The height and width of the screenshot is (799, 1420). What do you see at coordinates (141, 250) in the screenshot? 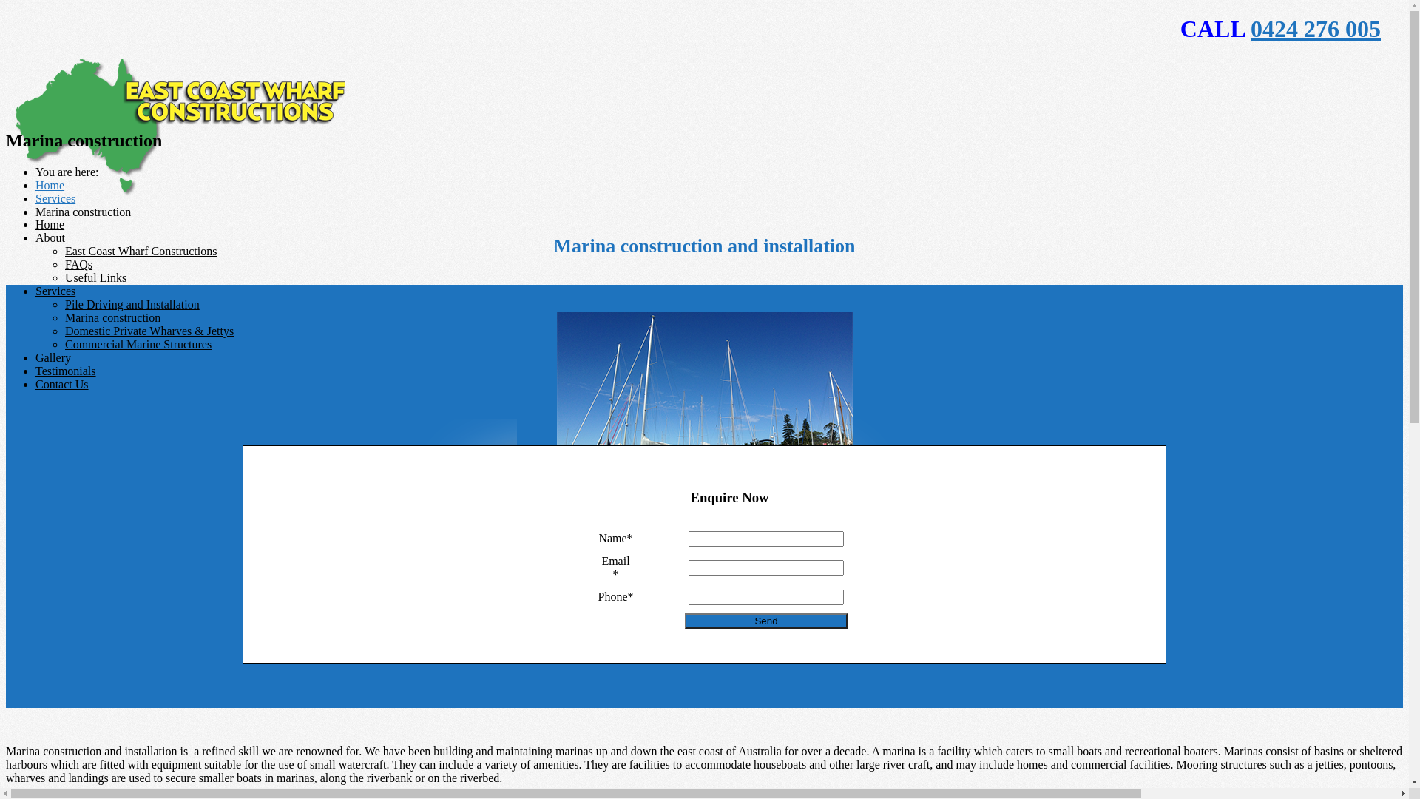
I see `'East Coast Wharf Constructions'` at bounding box center [141, 250].